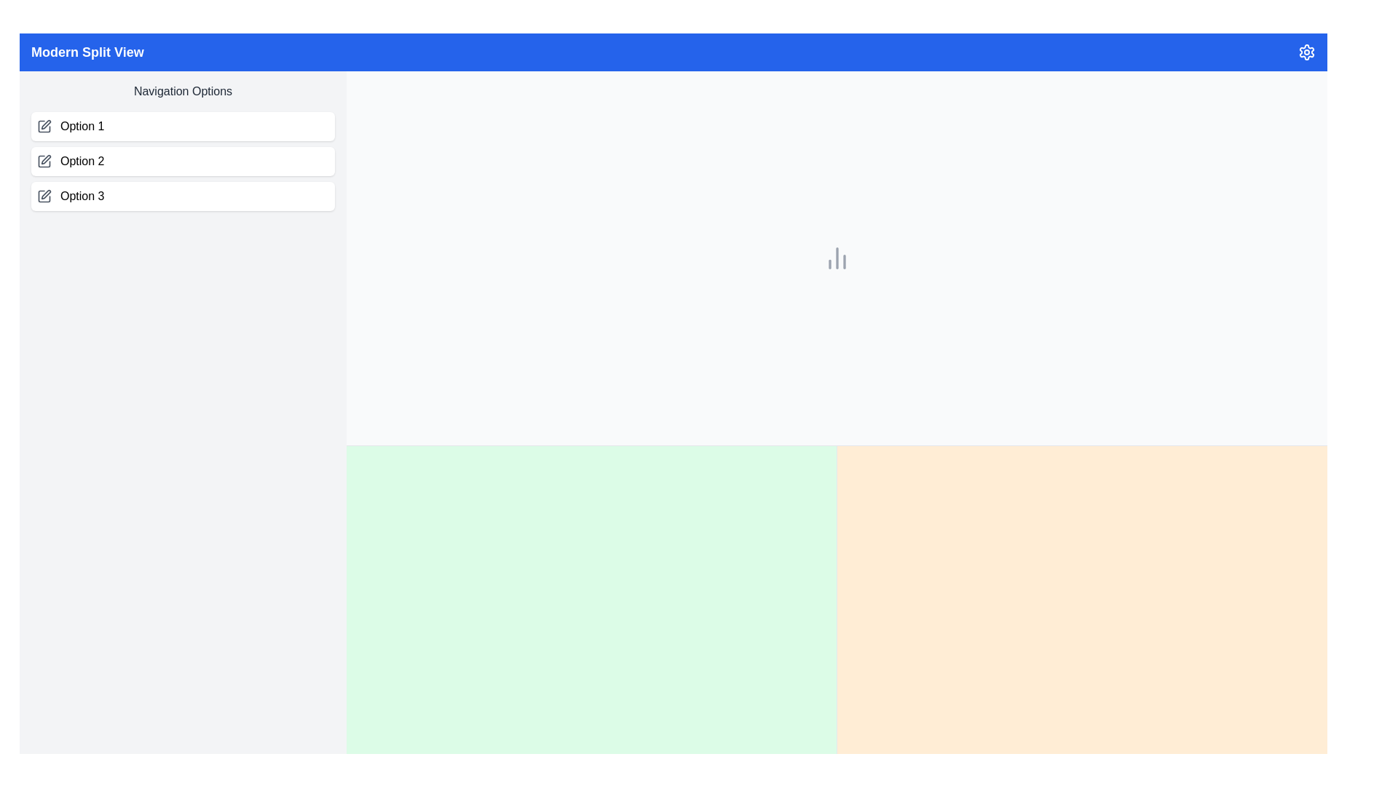  What do you see at coordinates (46, 159) in the screenshot?
I see `the edit function icon styled in gray, located next to the 'Option 2' button in the left sidebar` at bounding box center [46, 159].